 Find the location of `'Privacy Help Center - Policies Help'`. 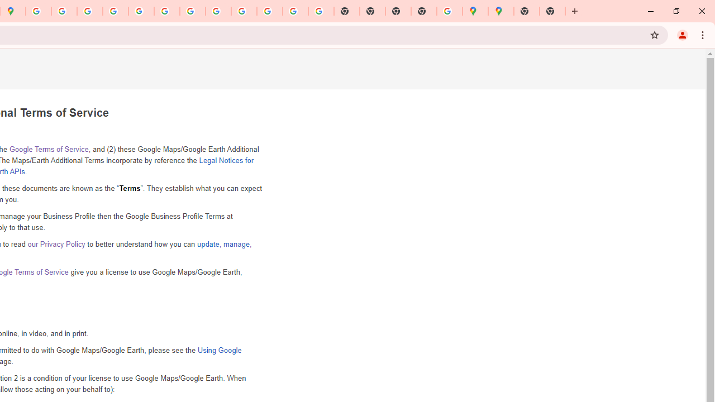

'Privacy Help Center - Policies Help' is located at coordinates (90, 11).